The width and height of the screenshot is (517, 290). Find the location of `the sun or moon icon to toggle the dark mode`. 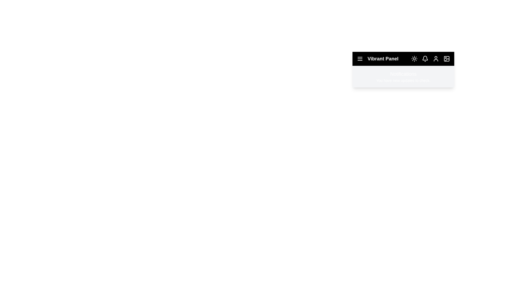

the sun or moon icon to toggle the dark mode is located at coordinates (414, 59).